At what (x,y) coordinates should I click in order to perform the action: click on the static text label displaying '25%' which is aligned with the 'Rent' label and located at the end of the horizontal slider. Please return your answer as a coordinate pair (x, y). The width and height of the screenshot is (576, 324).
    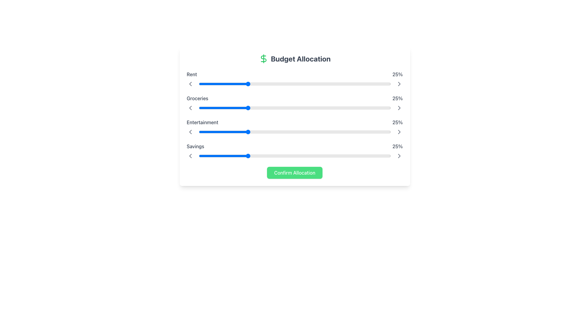
    Looking at the image, I should click on (397, 74).